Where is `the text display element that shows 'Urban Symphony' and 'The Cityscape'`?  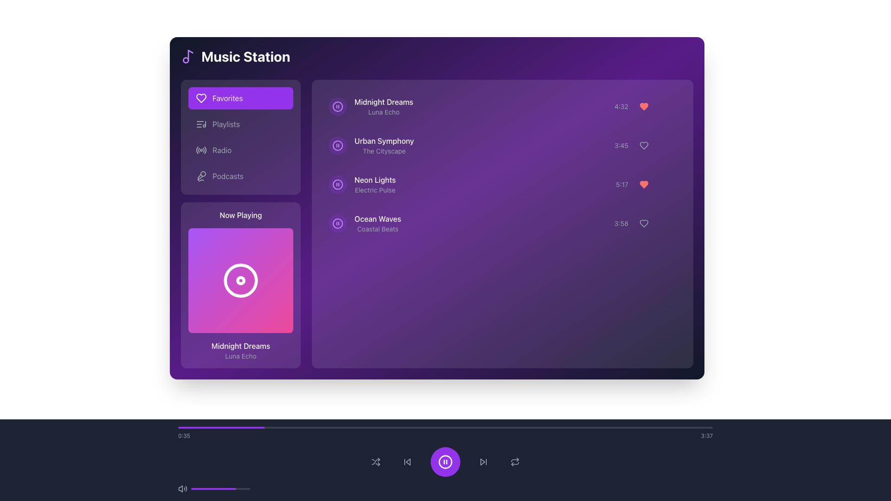
the text display element that shows 'Urban Symphony' and 'The Cityscape' is located at coordinates (371, 145).